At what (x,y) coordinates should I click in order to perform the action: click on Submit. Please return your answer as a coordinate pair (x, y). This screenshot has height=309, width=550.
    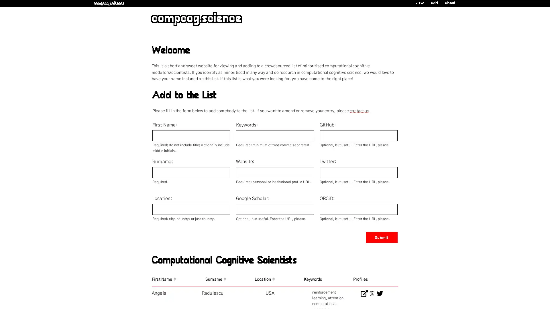
    Looking at the image, I should click on (382, 237).